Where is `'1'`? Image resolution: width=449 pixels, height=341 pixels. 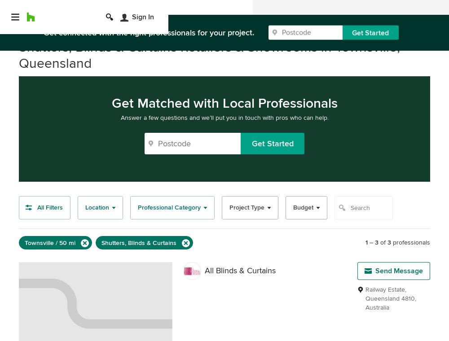
'1' is located at coordinates (366, 242).